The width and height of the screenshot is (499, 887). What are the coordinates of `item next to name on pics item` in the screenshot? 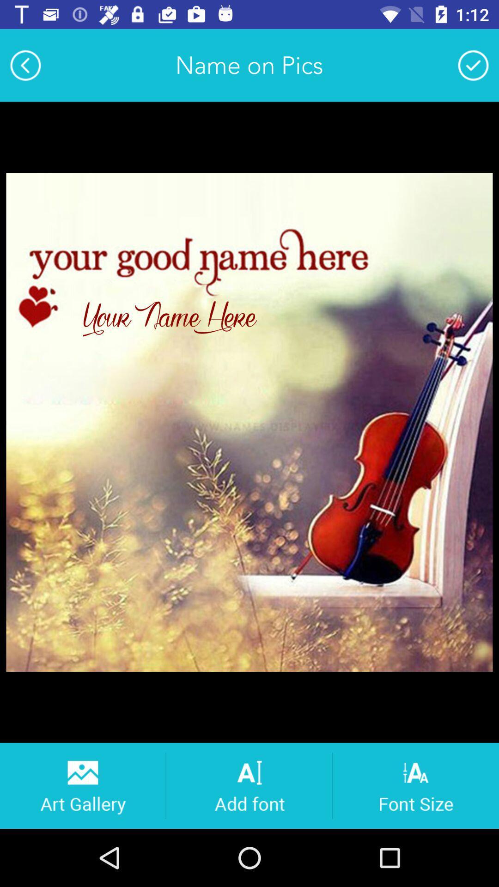 It's located at (25, 65).